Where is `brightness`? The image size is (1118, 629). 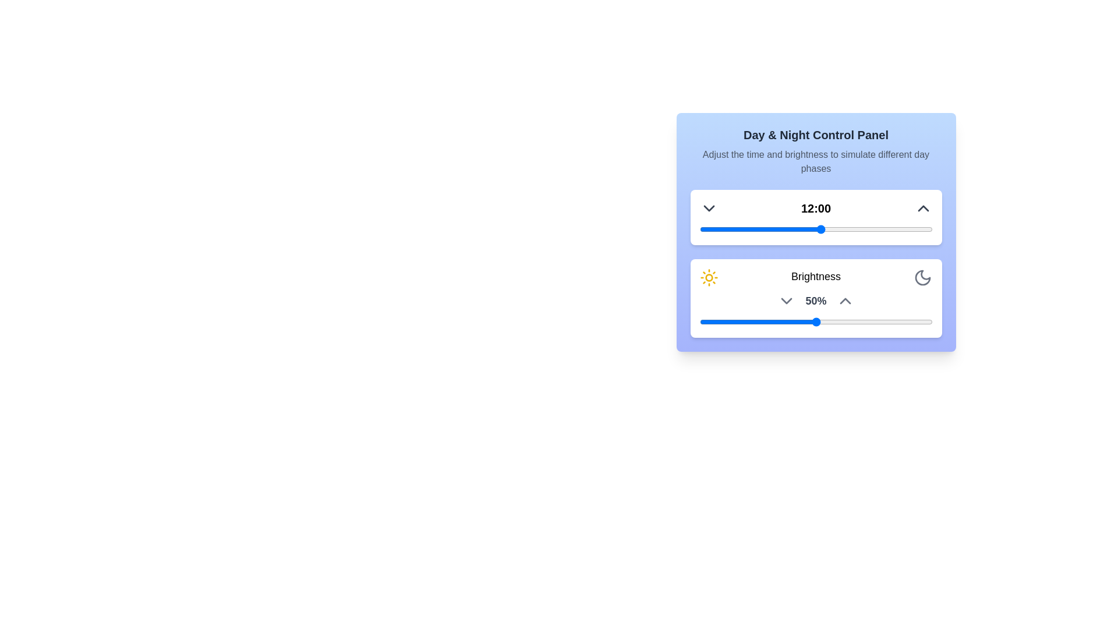 brightness is located at coordinates (797, 321).